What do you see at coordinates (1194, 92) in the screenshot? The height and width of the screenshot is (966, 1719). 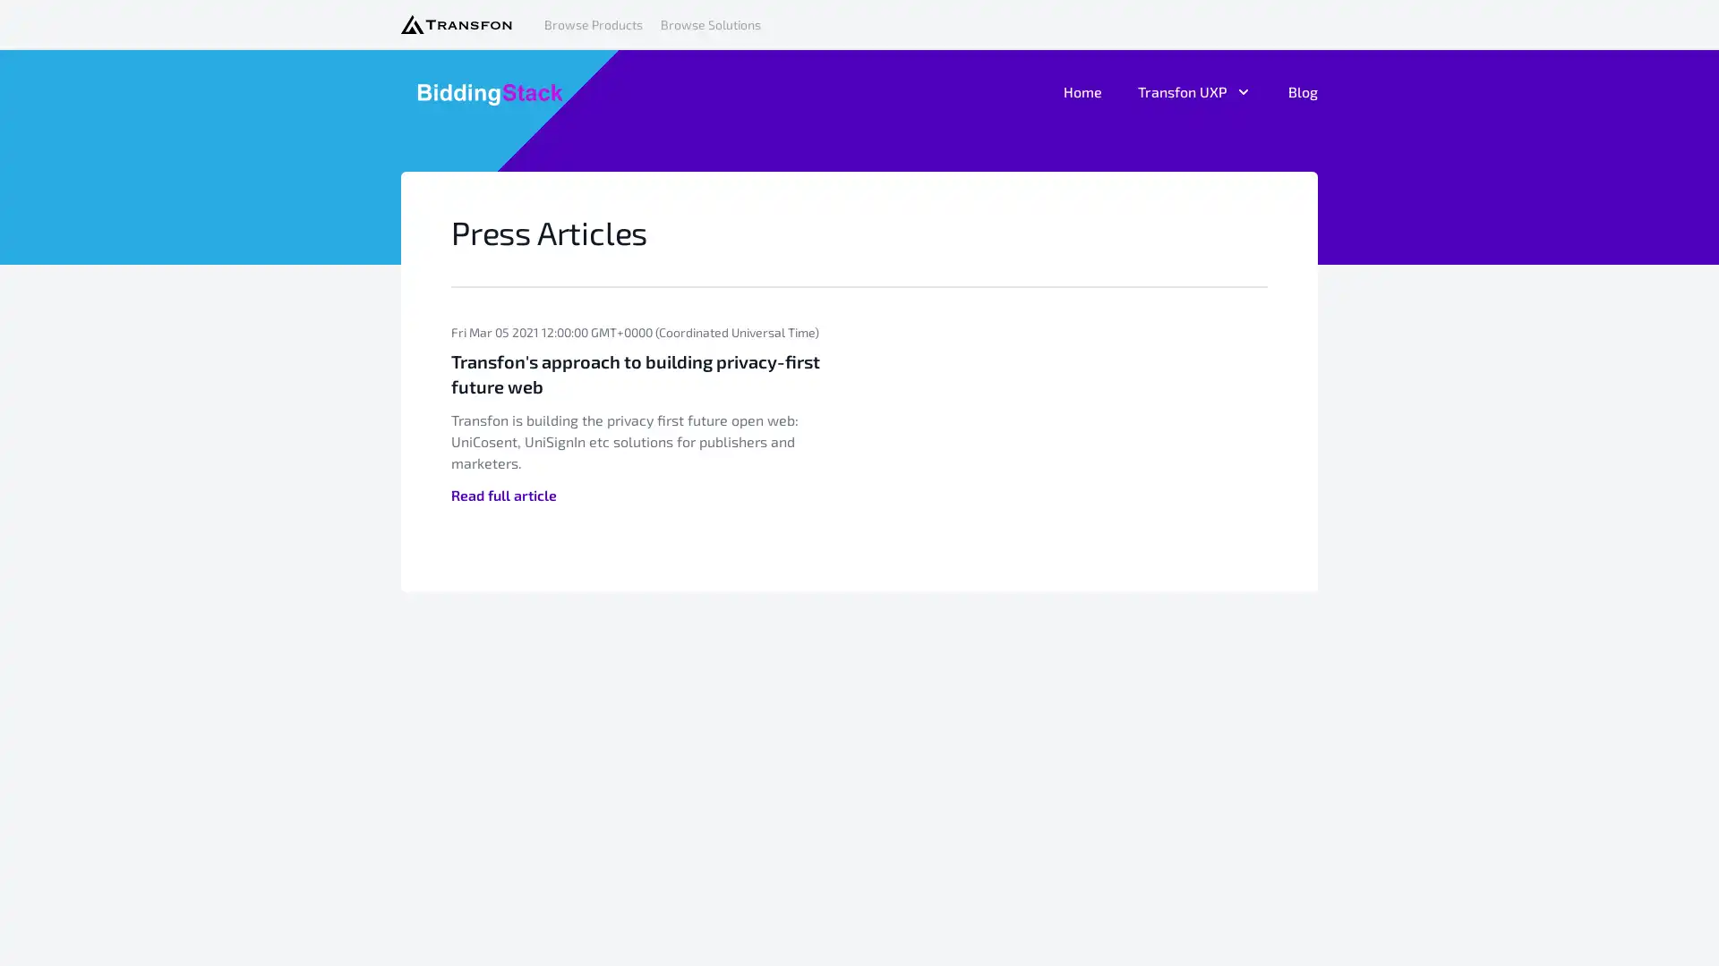 I see `Transfon UXP` at bounding box center [1194, 92].